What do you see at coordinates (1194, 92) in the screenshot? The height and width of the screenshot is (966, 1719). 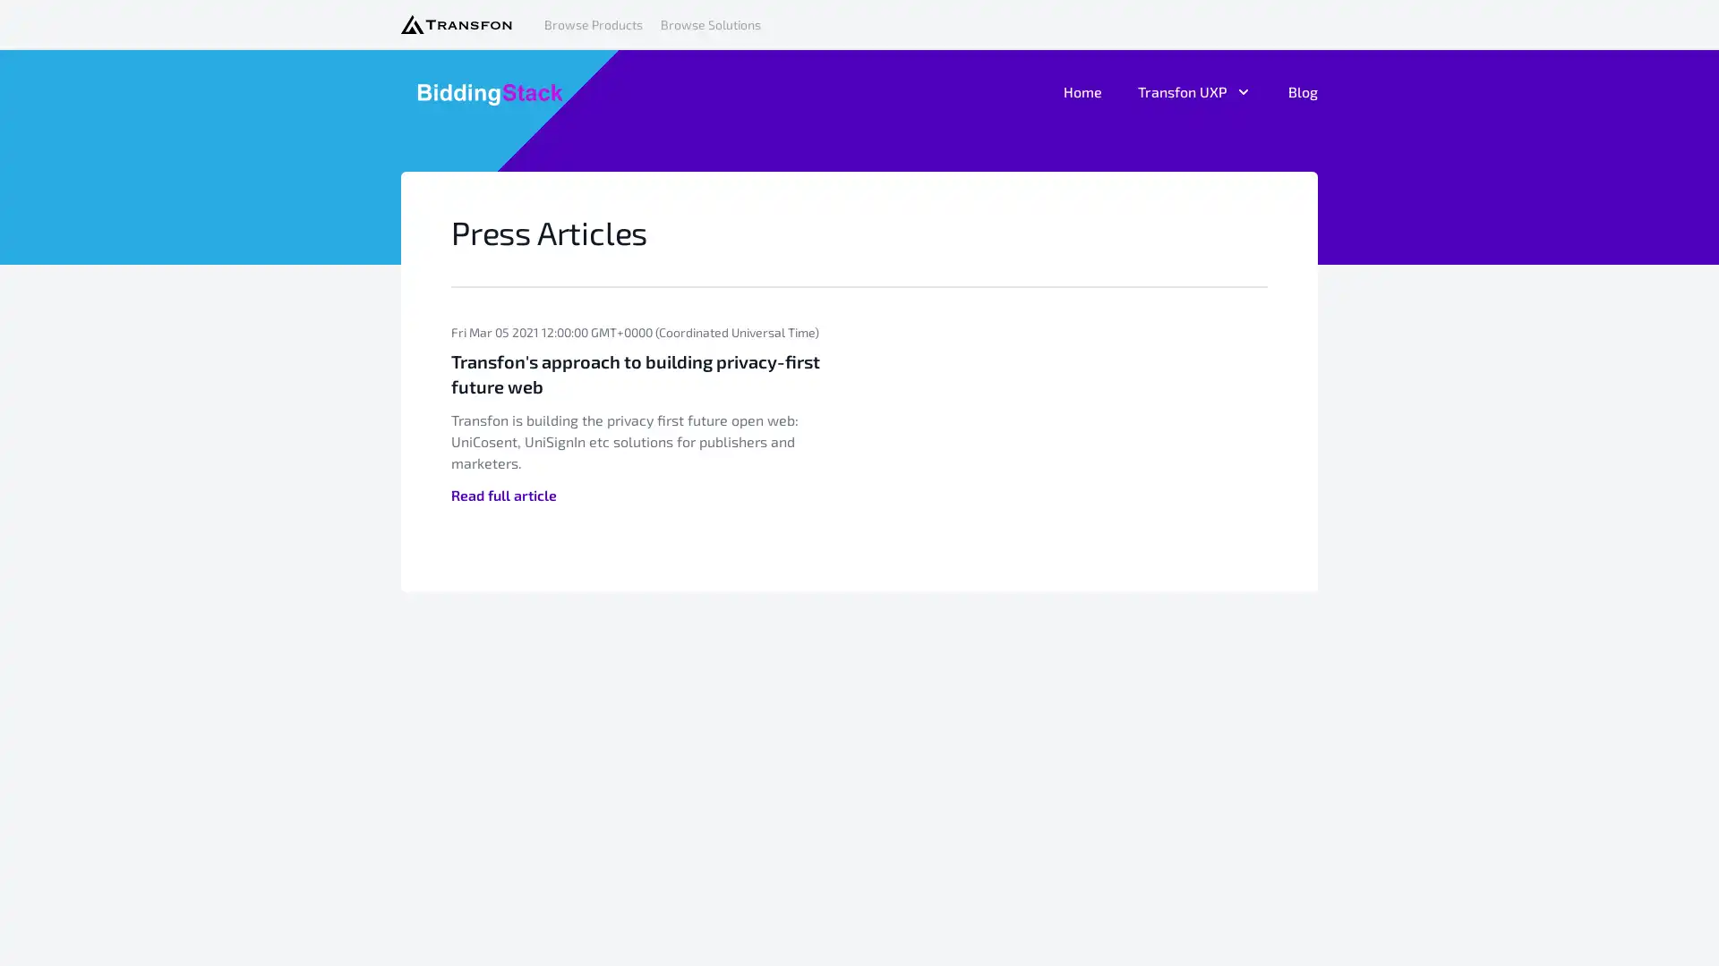 I see `Transfon UXP` at bounding box center [1194, 92].